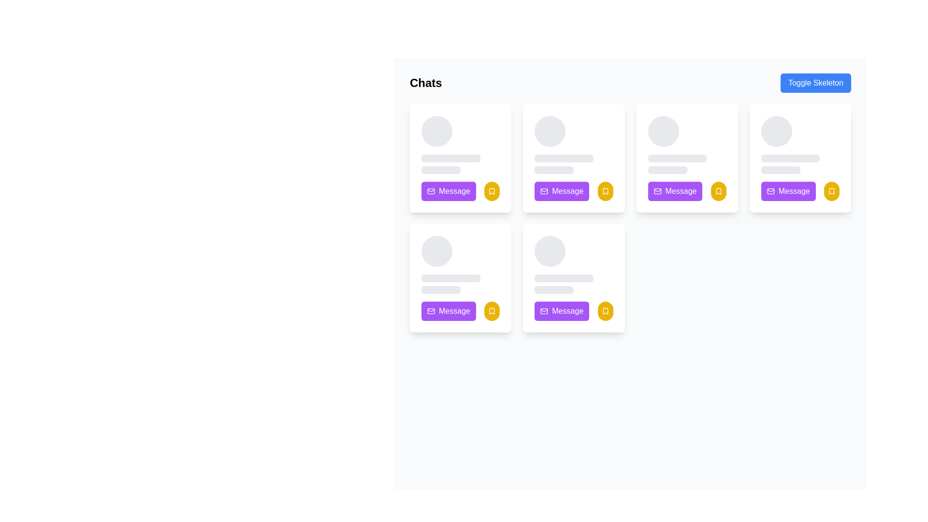 This screenshot has height=522, width=928. What do you see at coordinates (674, 191) in the screenshot?
I see `the button located` at bounding box center [674, 191].